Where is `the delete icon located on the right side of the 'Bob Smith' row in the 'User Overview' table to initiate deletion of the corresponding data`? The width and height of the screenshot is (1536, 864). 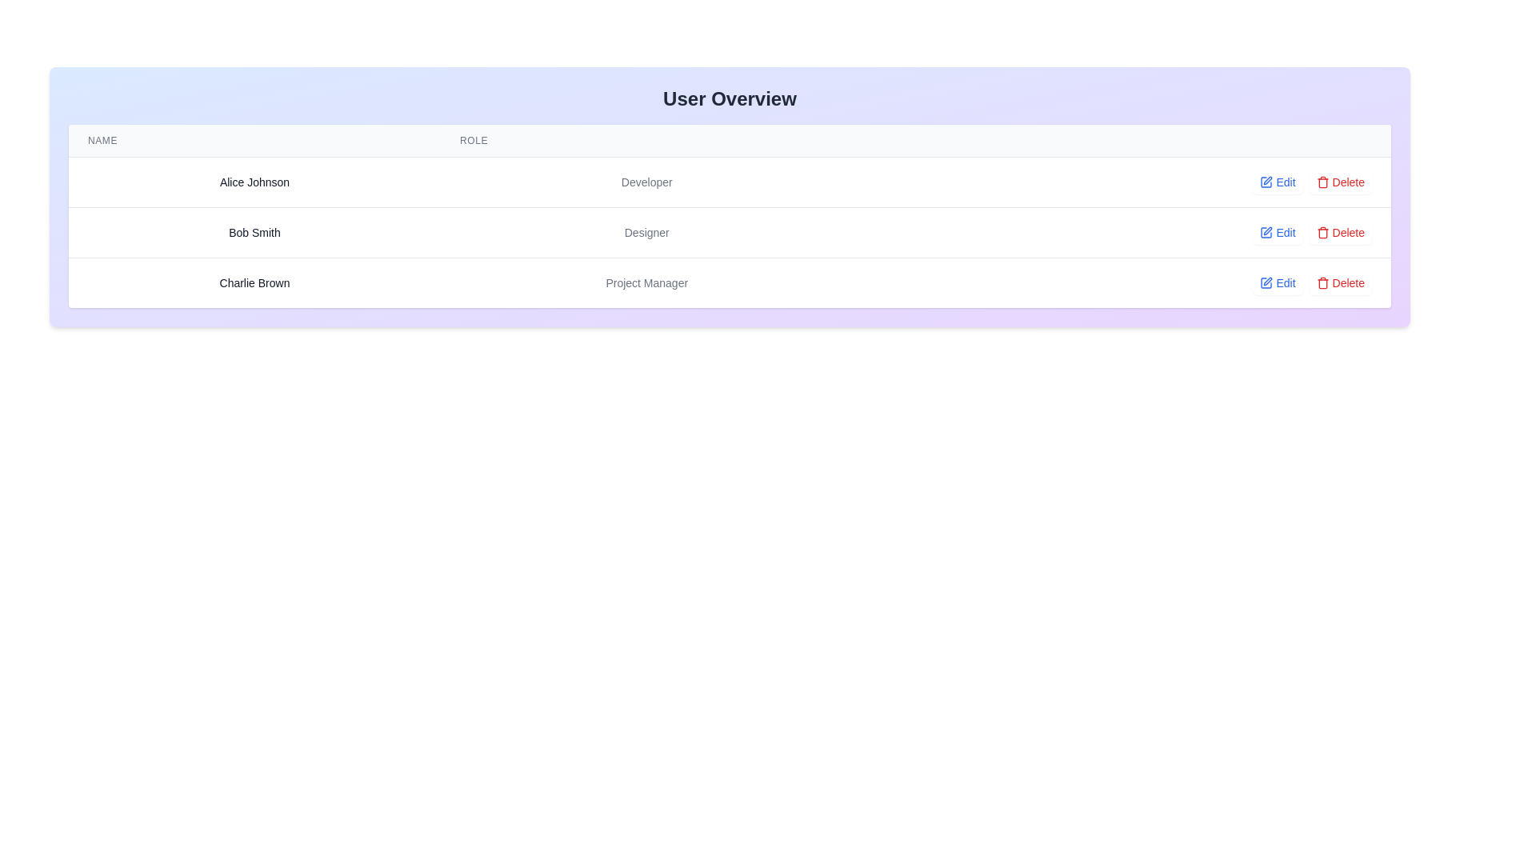 the delete icon located on the right side of the 'Bob Smith' row in the 'User Overview' table to initiate deletion of the corresponding data is located at coordinates (1322, 232).